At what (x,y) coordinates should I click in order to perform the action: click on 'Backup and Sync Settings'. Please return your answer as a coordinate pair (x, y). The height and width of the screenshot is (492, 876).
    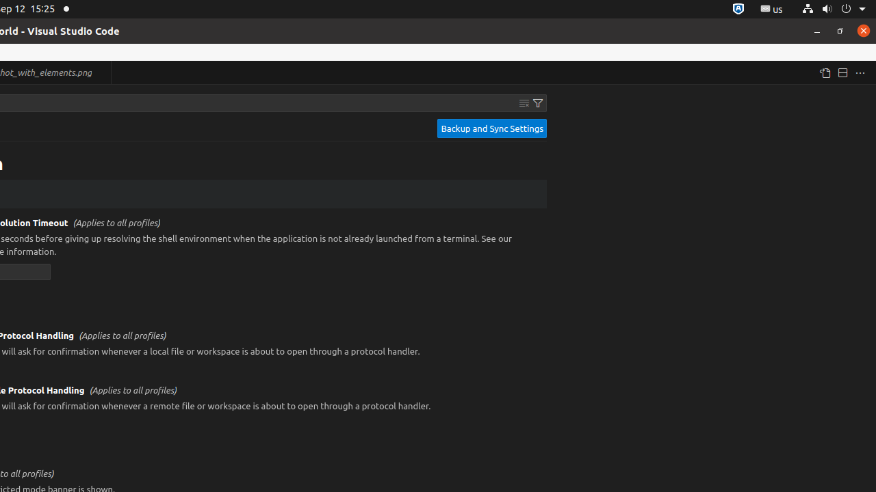
    Looking at the image, I should click on (491, 128).